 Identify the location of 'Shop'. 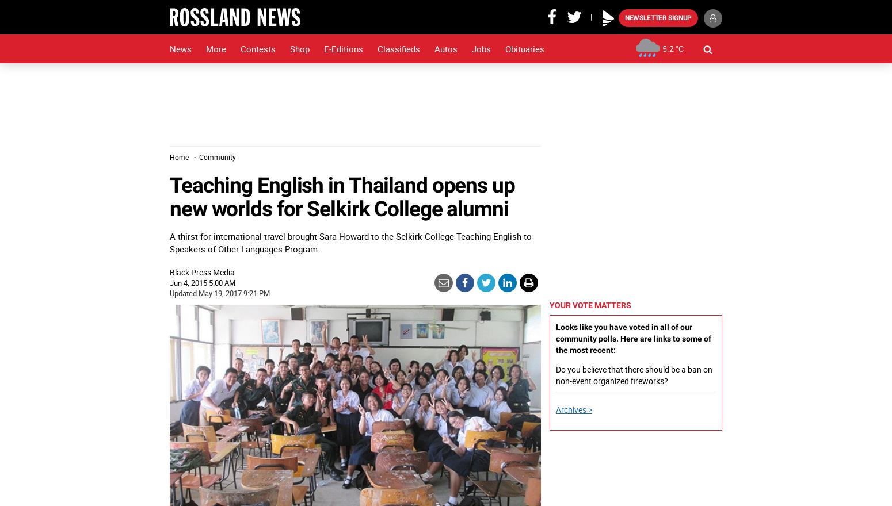
(299, 48).